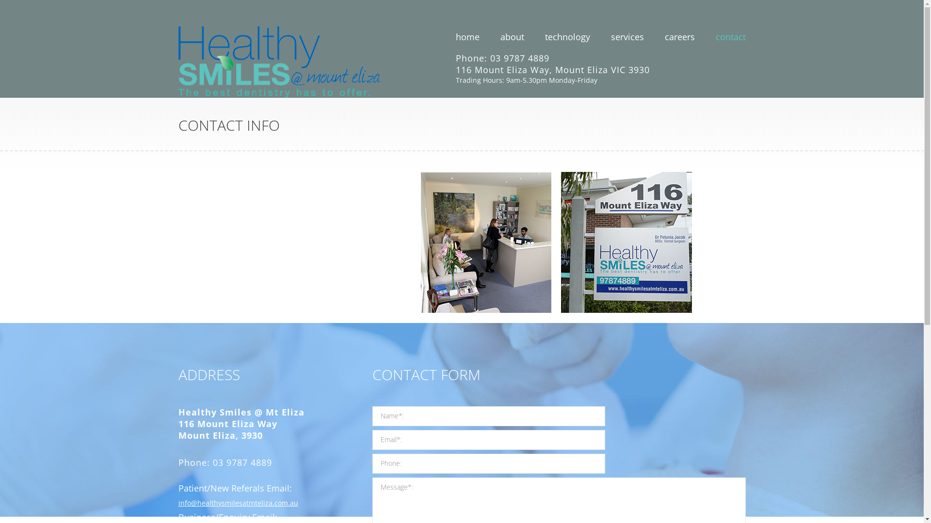  I want to click on 'home', so click(467, 36).